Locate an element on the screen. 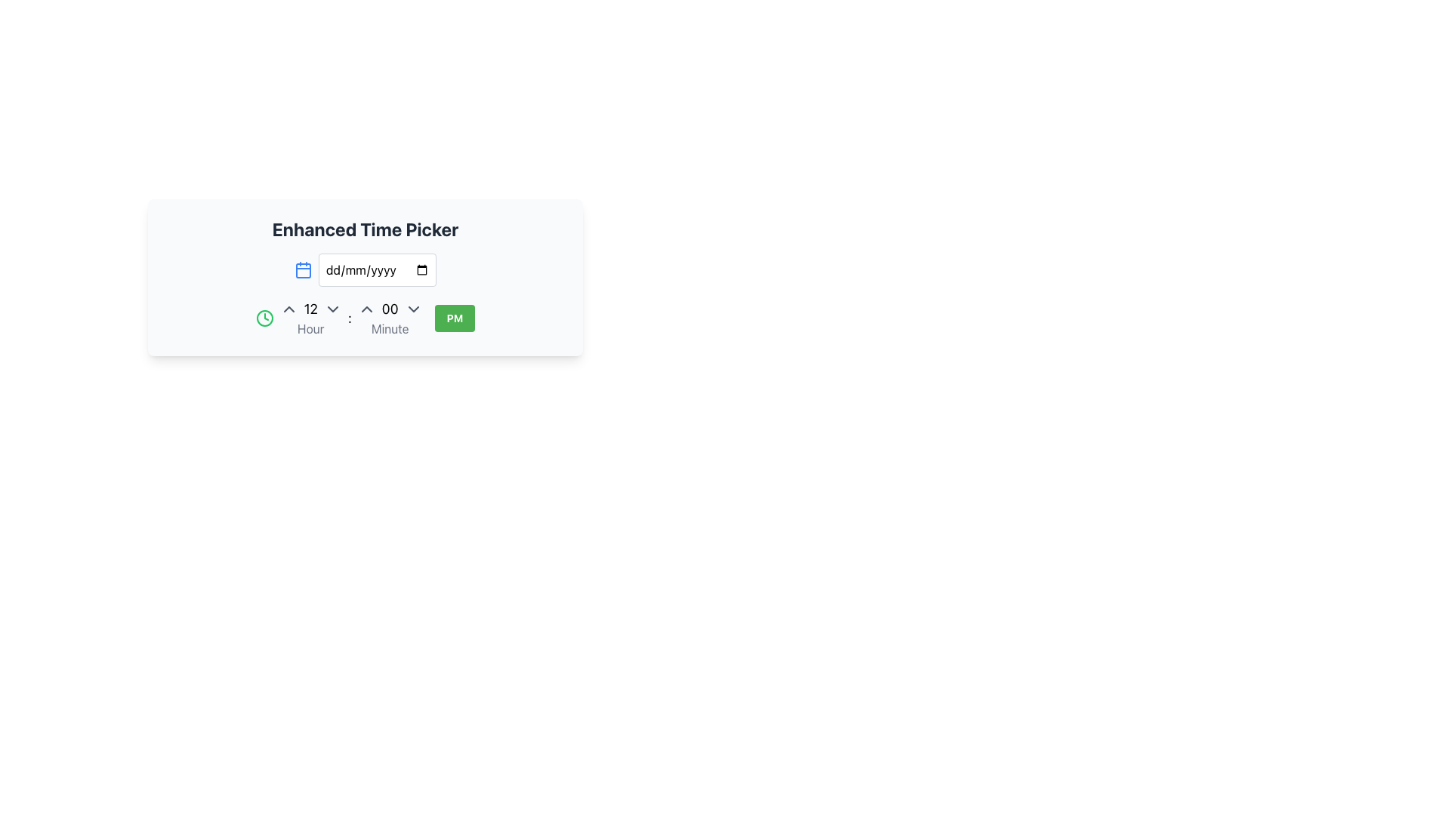 The height and width of the screenshot is (815, 1450). the Date Input Field with placeholder text 'dd/mm/yyyy' is located at coordinates (377, 269).